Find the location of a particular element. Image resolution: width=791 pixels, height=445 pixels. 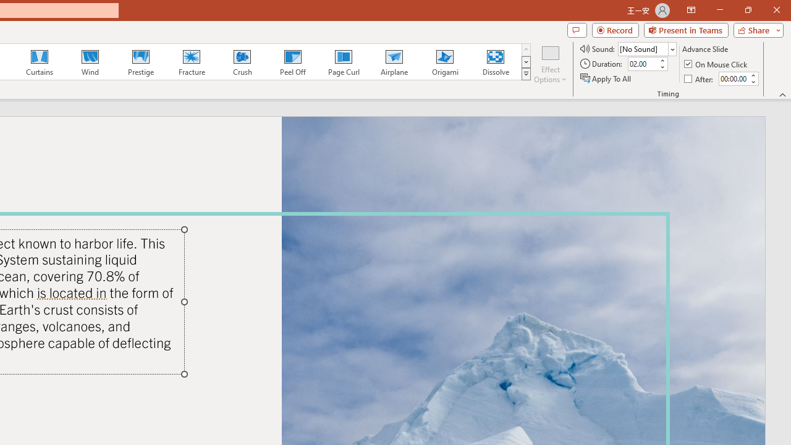

'Transition Effects' is located at coordinates (526, 74).